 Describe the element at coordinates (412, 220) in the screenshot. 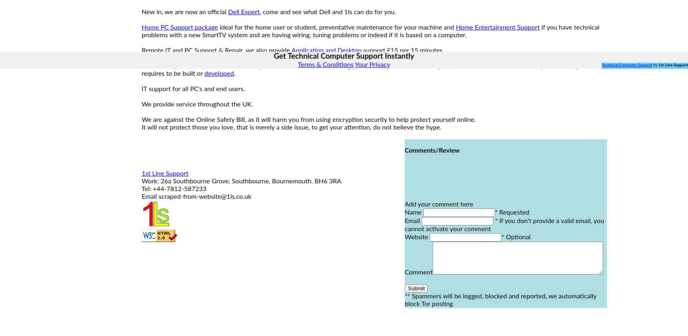

I see `'Email'` at that location.